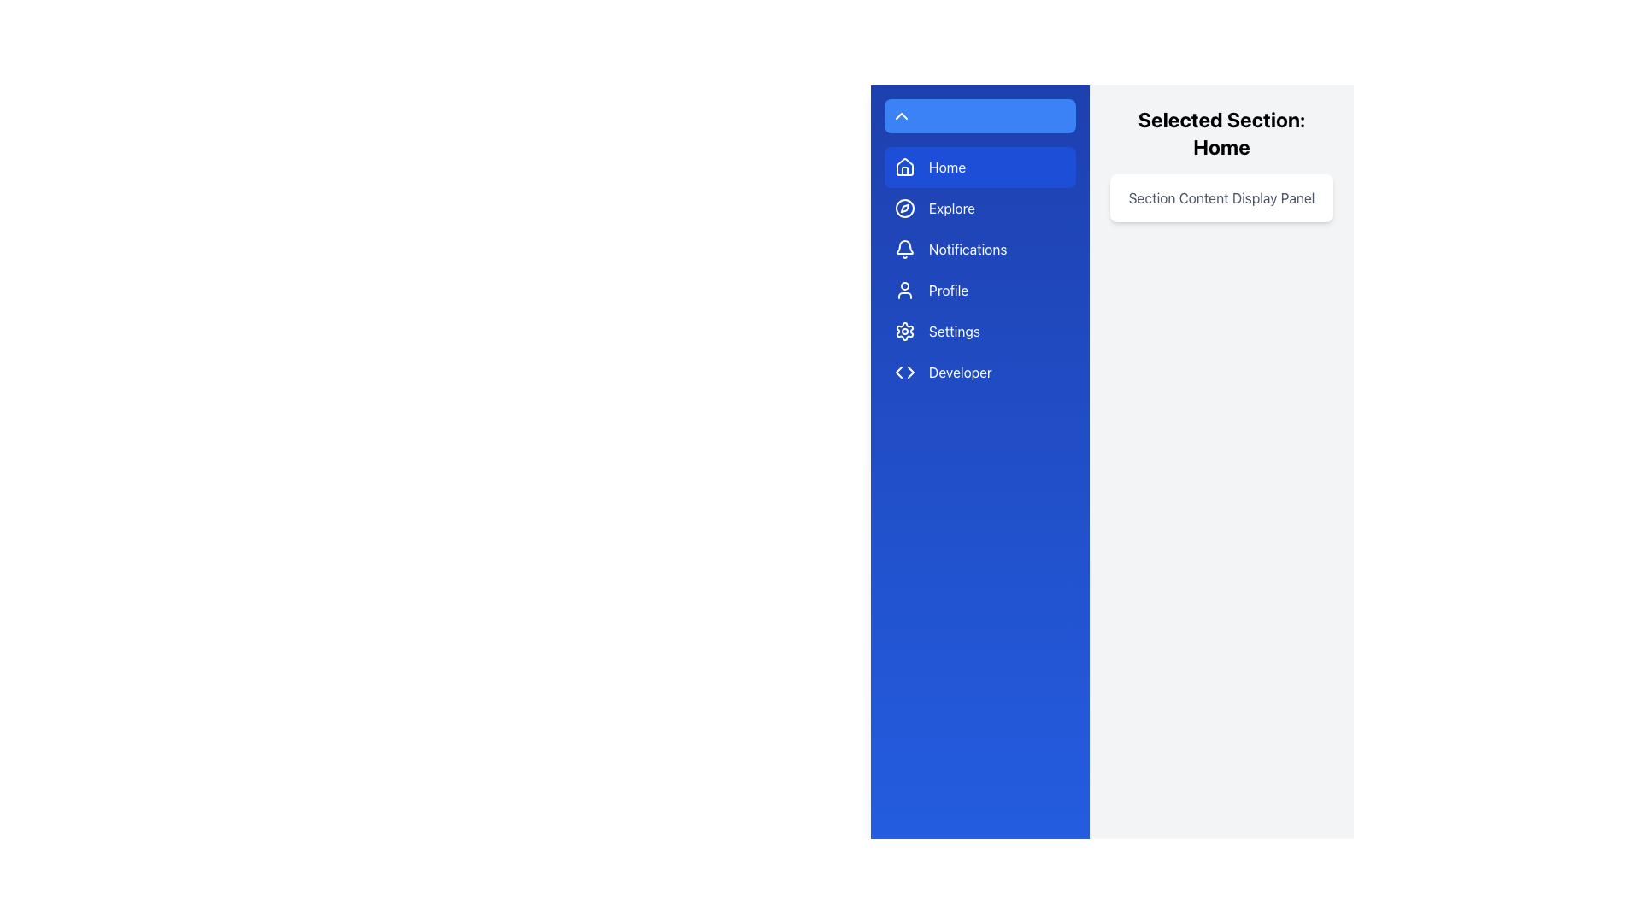  I want to click on the text label 'Developer' in the vertical navigation menu, so click(960, 371).